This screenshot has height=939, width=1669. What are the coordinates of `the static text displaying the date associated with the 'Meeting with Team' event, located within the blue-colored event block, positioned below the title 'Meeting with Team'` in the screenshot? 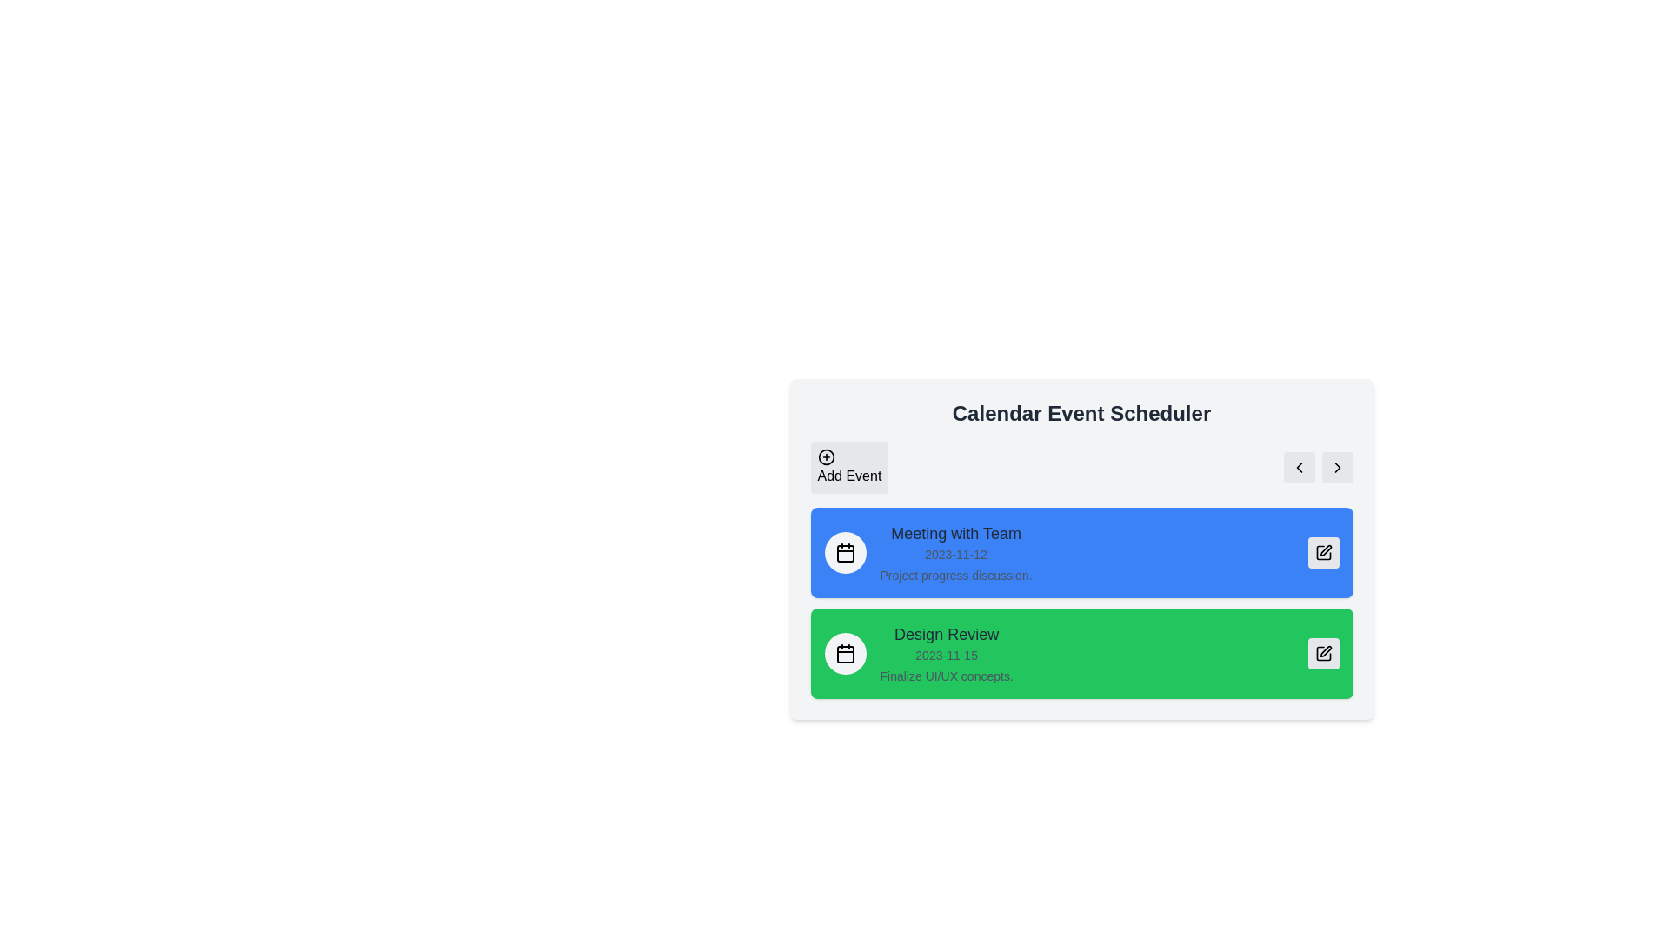 It's located at (954, 554).